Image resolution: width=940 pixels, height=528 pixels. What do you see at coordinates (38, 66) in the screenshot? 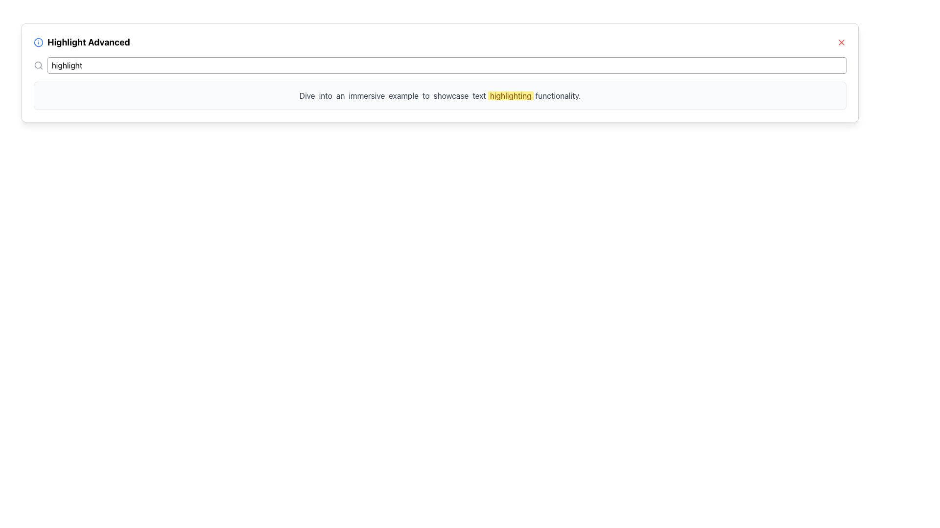
I see `the small gray magnifying glass icon located to the left of the 'highlight' text input field` at bounding box center [38, 66].